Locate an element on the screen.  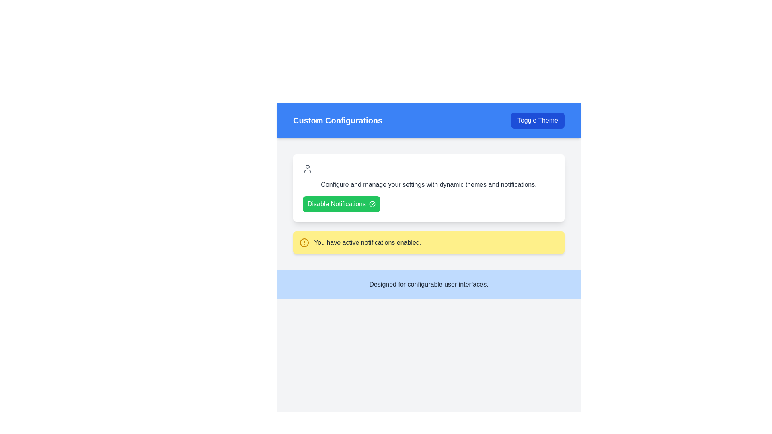
the circular alert notification icon with a yellow background, which contains an exclamation mark is located at coordinates (304, 242).